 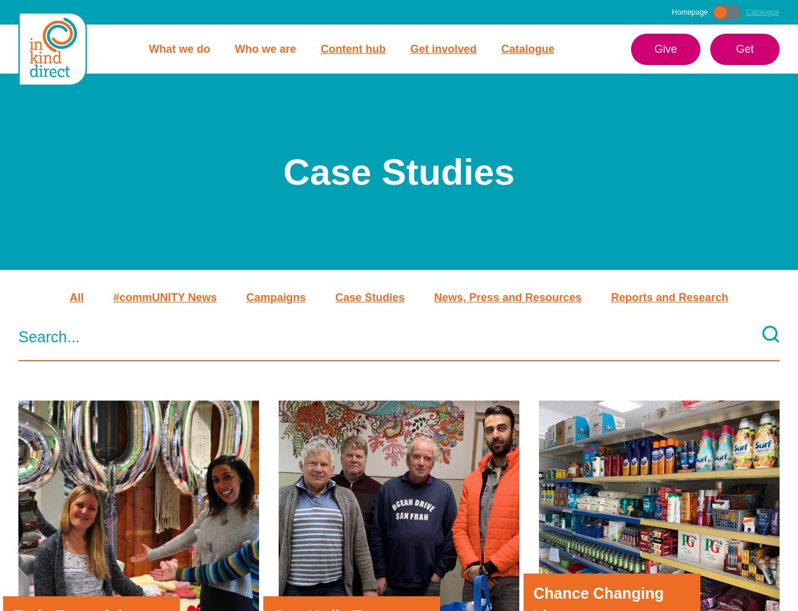 What do you see at coordinates (394, 456) in the screenshot?
I see `'Global Adventure Missions Ltd. run challenge events, including outdoors events for family groups and fundraising events for over 1,500 charities.'` at bounding box center [394, 456].